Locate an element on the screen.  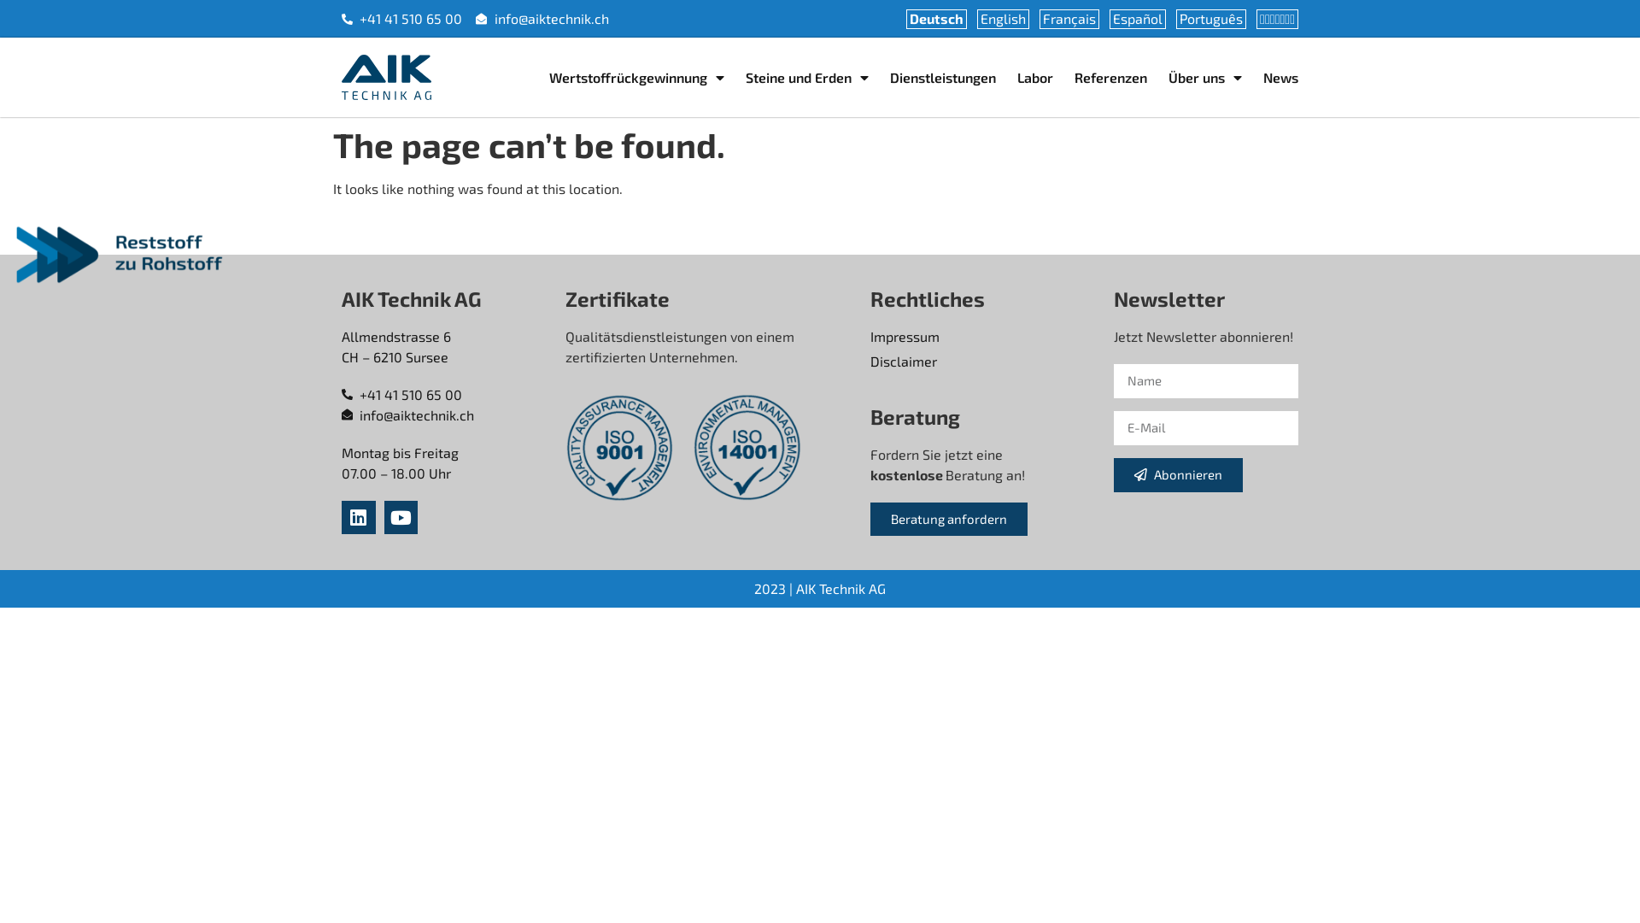
'English' is located at coordinates (1003, 19).